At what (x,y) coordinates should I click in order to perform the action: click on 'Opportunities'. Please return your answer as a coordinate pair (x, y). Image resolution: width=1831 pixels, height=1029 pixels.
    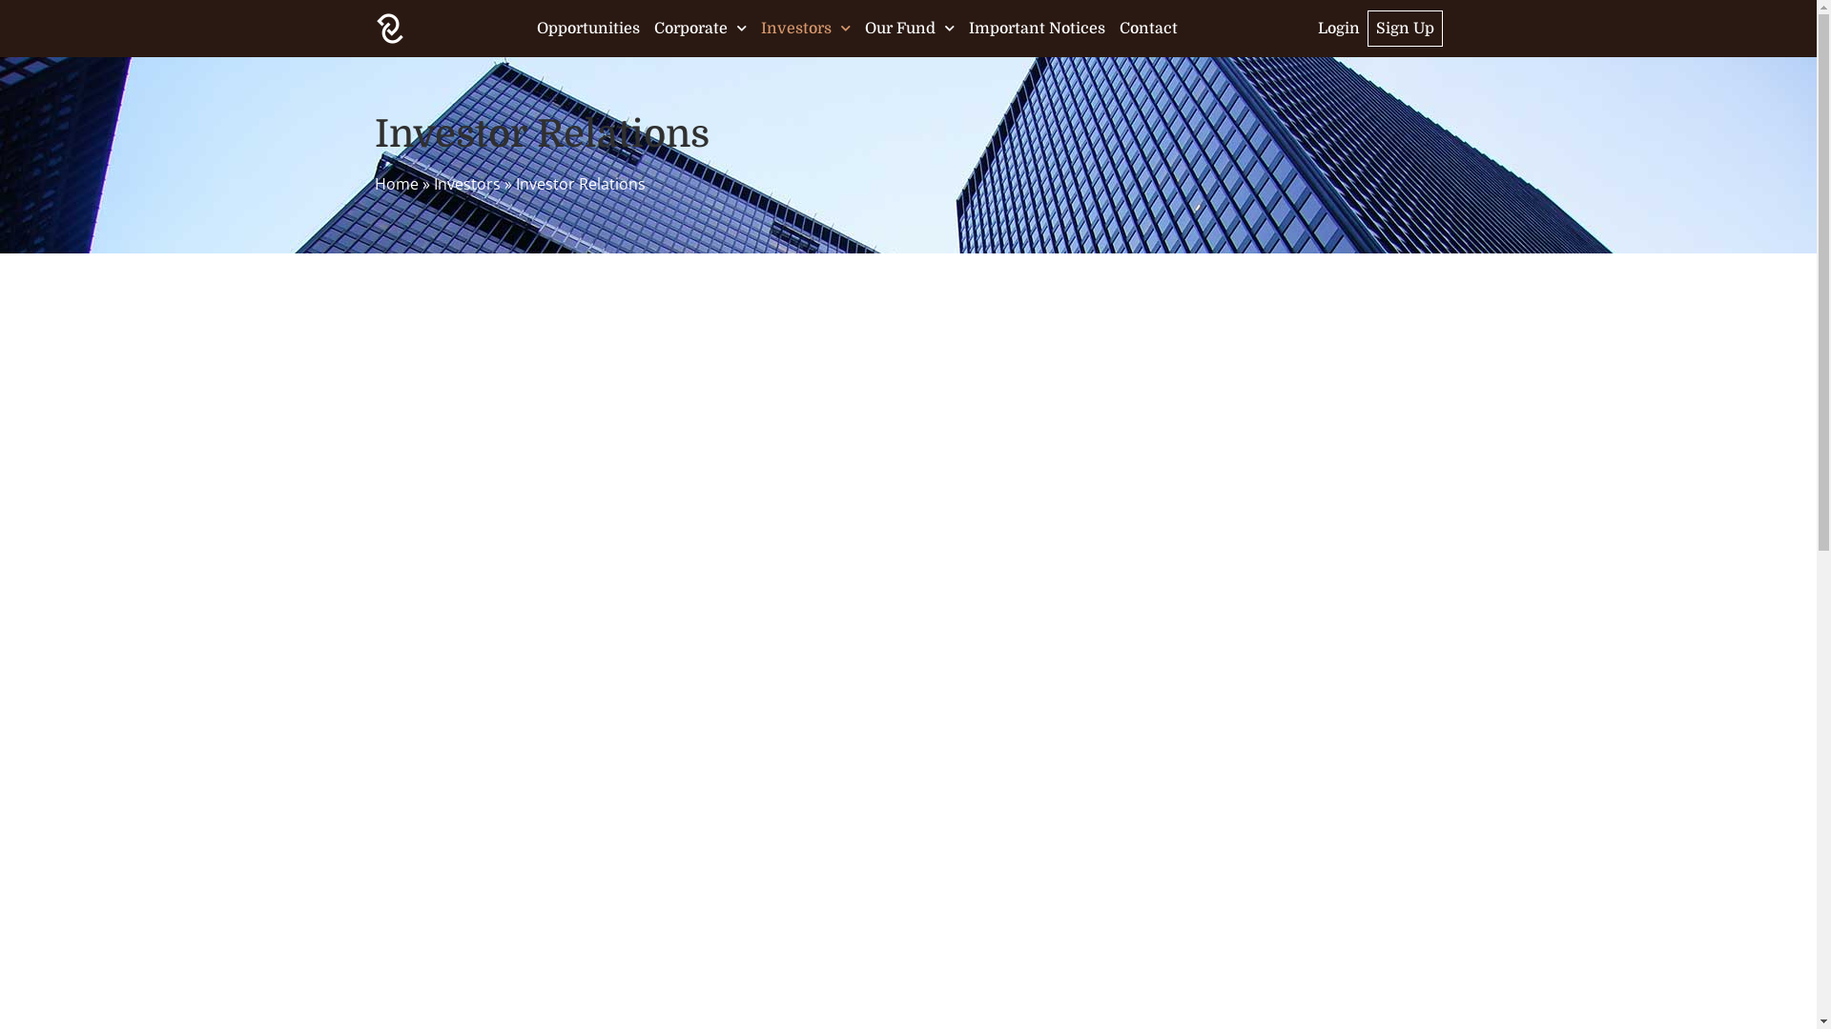
    Looking at the image, I should click on (587, 29).